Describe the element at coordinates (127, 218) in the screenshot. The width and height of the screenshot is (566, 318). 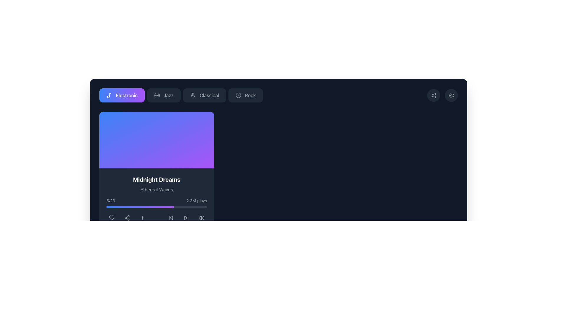
I see `the share button located between the 'like' heart icon and the '+' icon, positioned directly beneath the media description and progress bar` at that location.